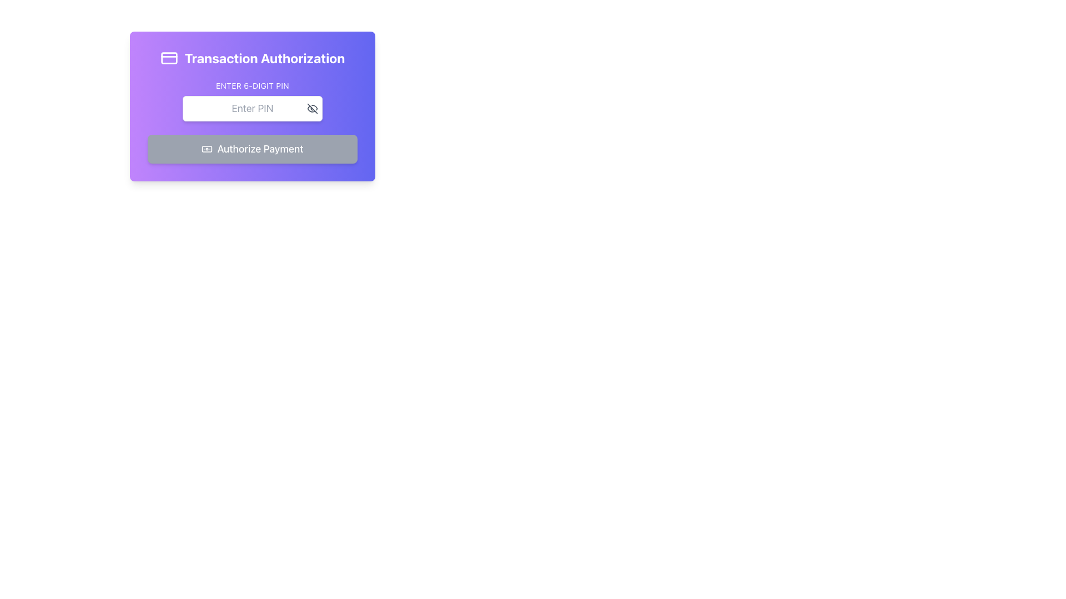  Describe the element at coordinates (252, 85) in the screenshot. I see `the instruction label that prompts users to enter their 6-digit PIN, located above the 'Enter PIN' input field` at that location.